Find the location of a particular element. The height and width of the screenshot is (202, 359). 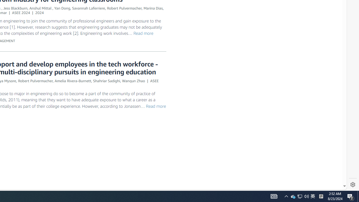

'Amelia Rivera-Burnett' is located at coordinates (73, 81).